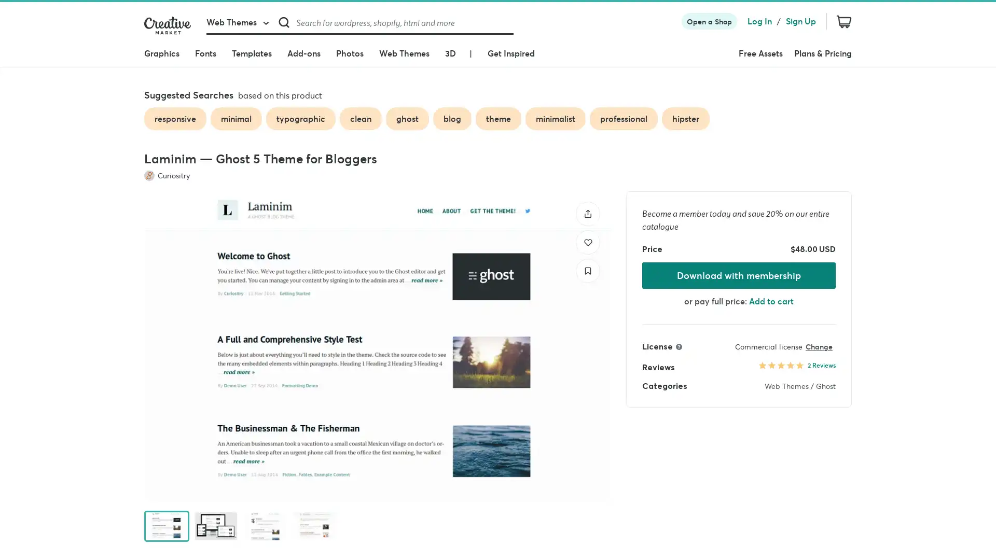 The height and width of the screenshot is (560, 996). Describe the element at coordinates (738, 274) in the screenshot. I see `Download with membership` at that location.